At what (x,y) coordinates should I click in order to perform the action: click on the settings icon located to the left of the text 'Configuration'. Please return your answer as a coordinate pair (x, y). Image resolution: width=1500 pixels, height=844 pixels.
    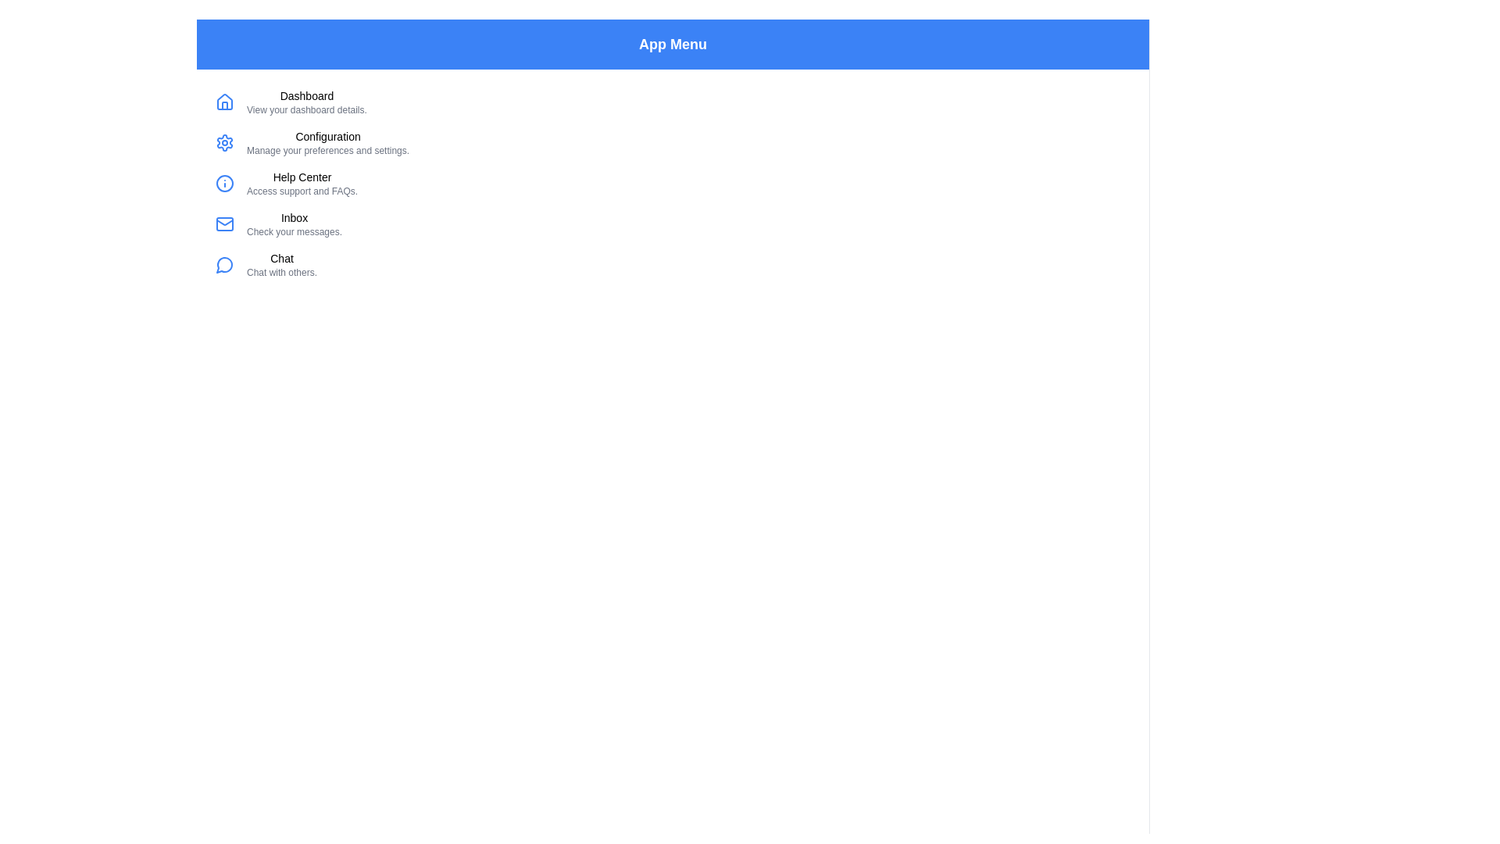
    Looking at the image, I should click on (224, 142).